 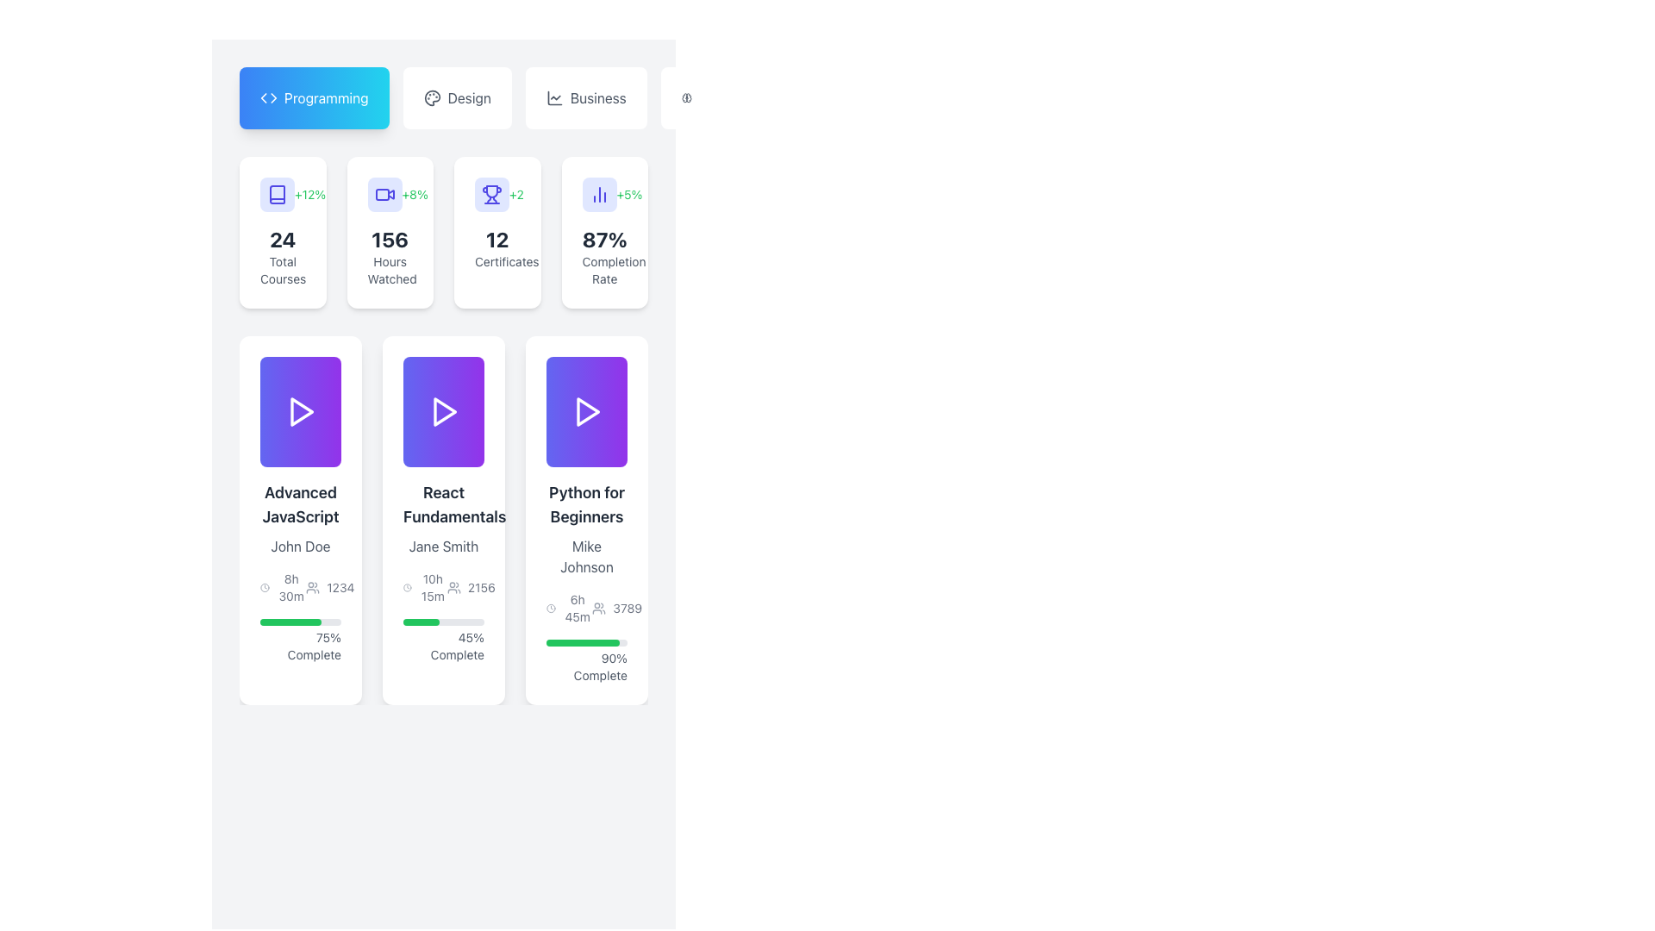 What do you see at coordinates (301, 520) in the screenshot?
I see `the first course overview card in the leftmost column of the grid layout` at bounding box center [301, 520].